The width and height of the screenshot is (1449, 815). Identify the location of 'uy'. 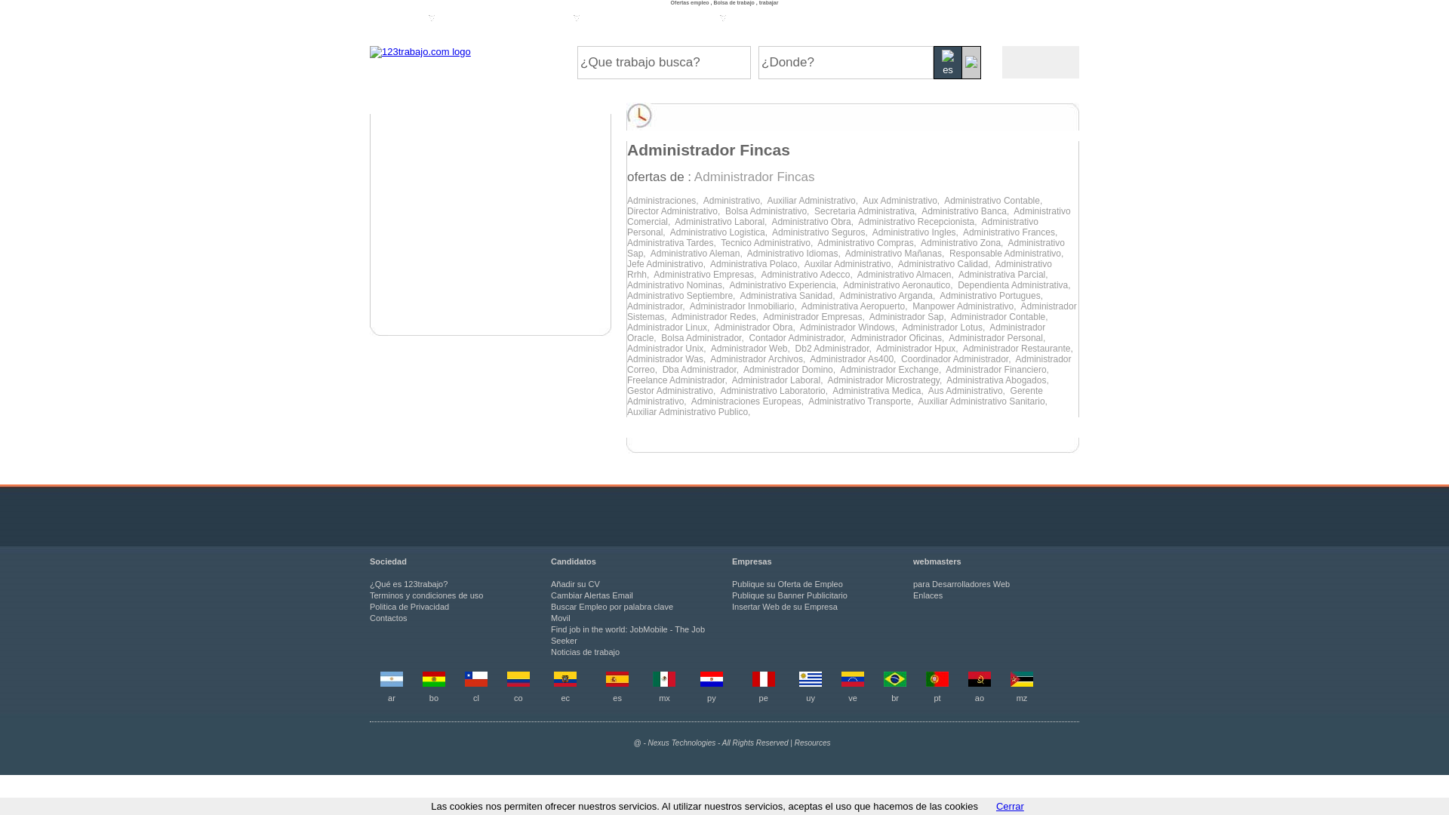
(810, 698).